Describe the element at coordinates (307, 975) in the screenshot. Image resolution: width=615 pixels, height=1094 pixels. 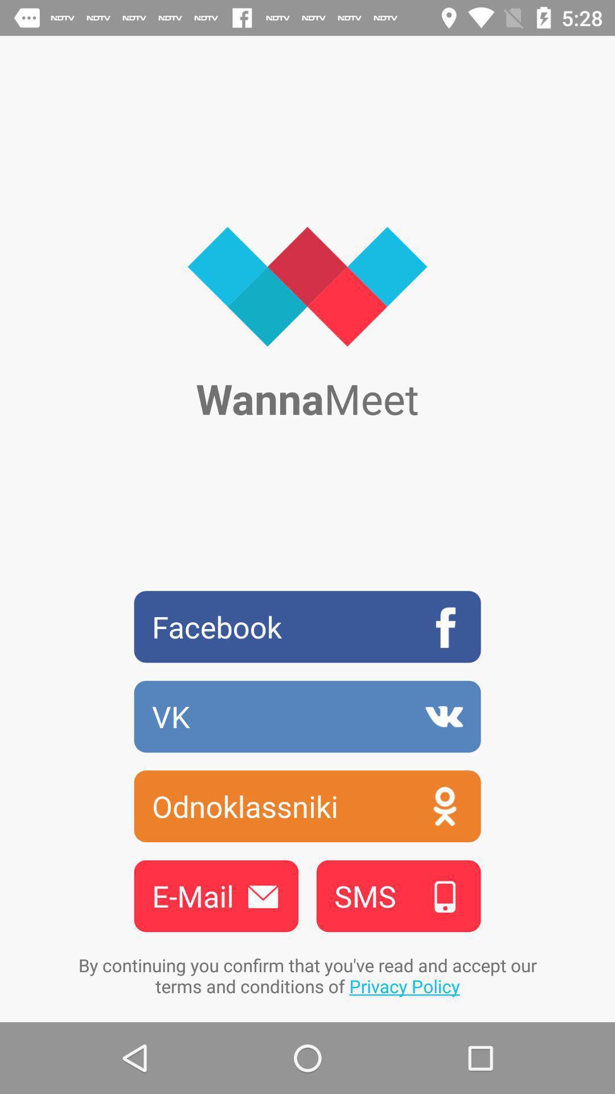
I see `icon below e-mail` at that location.